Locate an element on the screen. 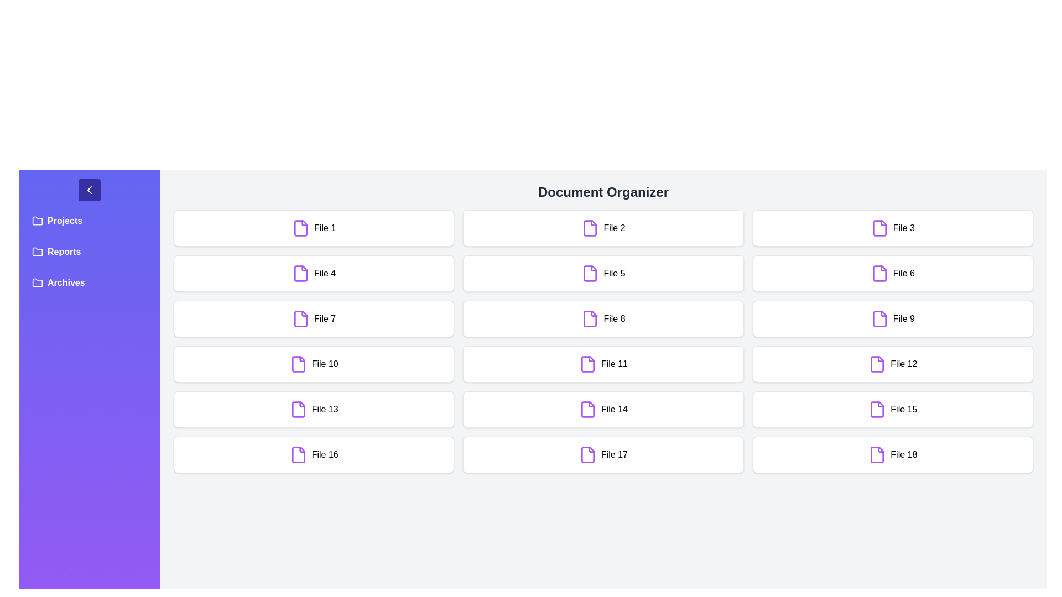  the folder labeled Projects in the sidebar to open it is located at coordinates (90, 221).